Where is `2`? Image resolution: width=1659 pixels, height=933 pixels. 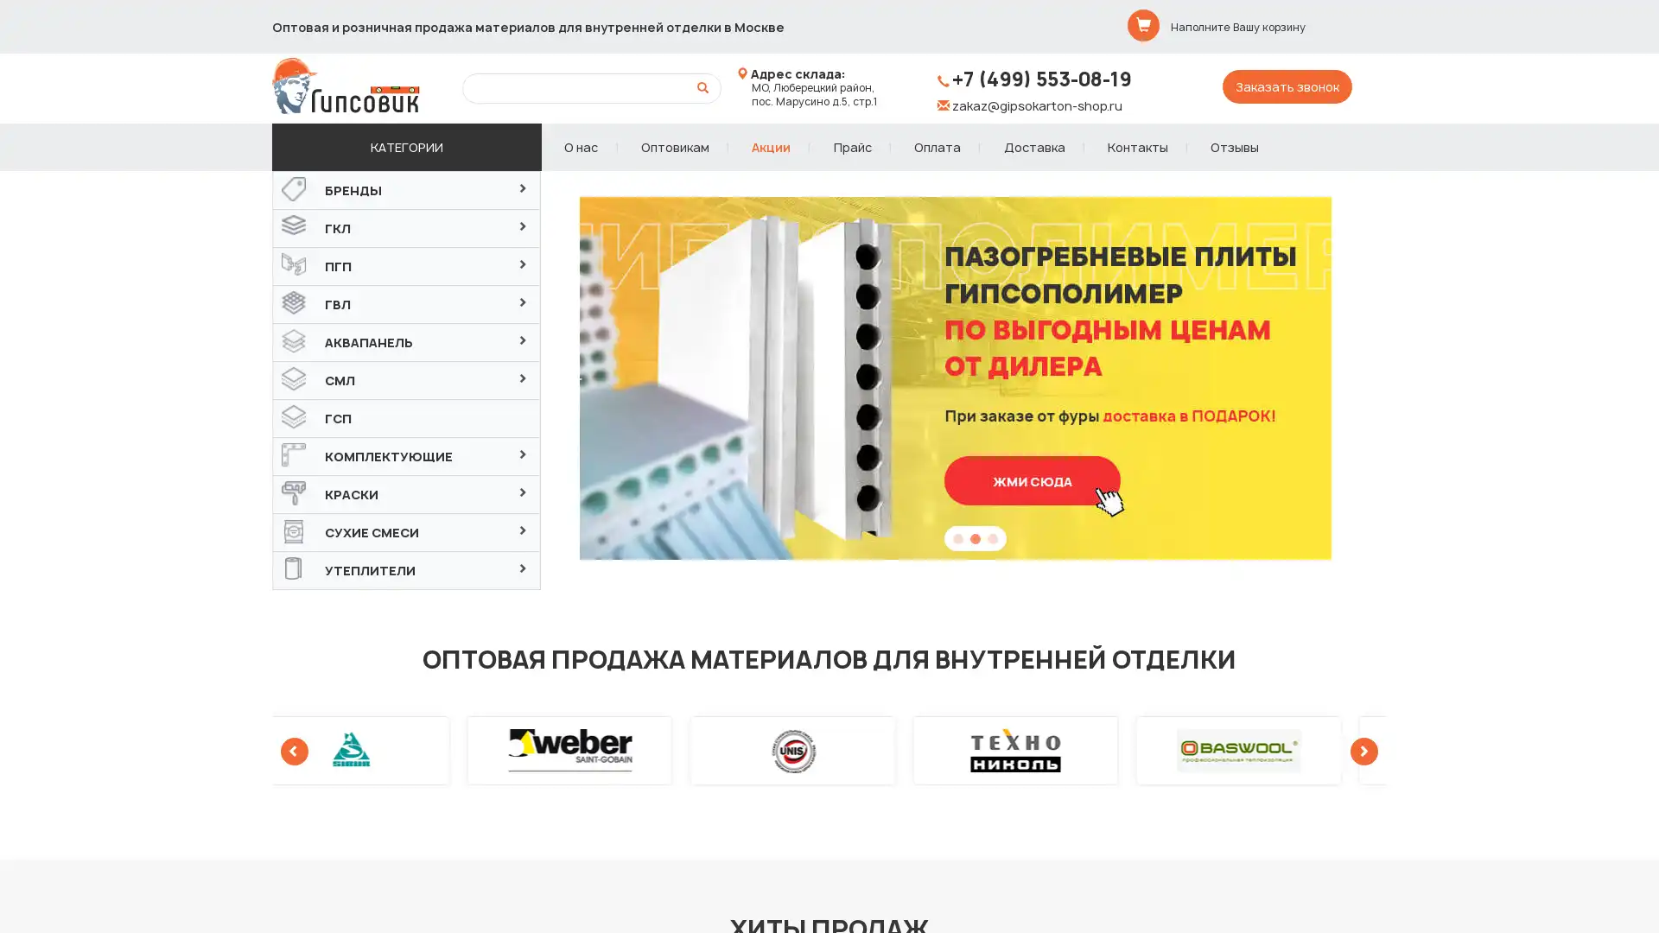 2 is located at coordinates (975, 542).